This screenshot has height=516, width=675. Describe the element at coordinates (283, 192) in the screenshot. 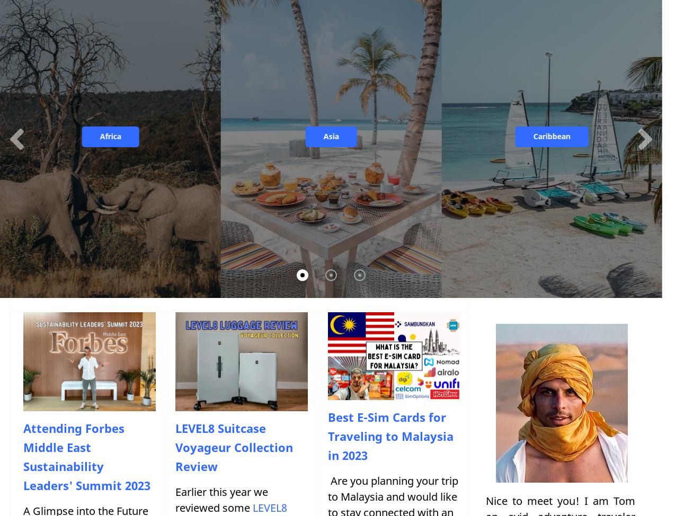

I see `'Slovenia'` at that location.